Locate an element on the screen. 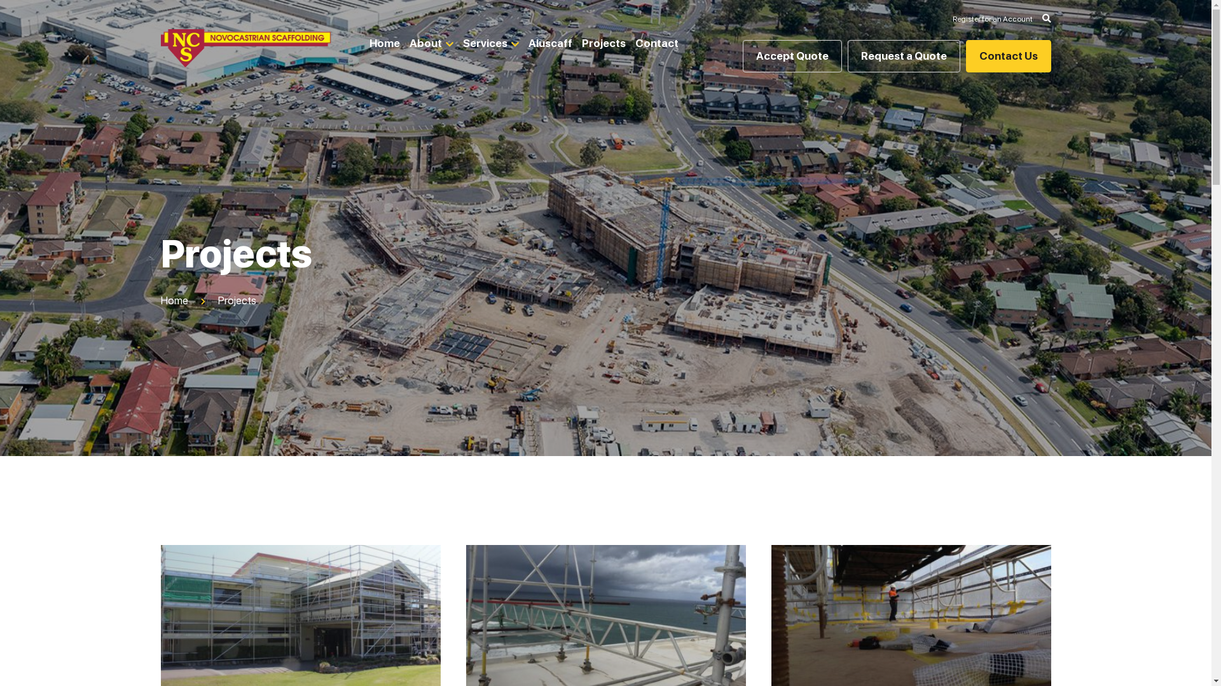 Image resolution: width=1221 pixels, height=686 pixels. 'Request a Quote' is located at coordinates (902, 55).